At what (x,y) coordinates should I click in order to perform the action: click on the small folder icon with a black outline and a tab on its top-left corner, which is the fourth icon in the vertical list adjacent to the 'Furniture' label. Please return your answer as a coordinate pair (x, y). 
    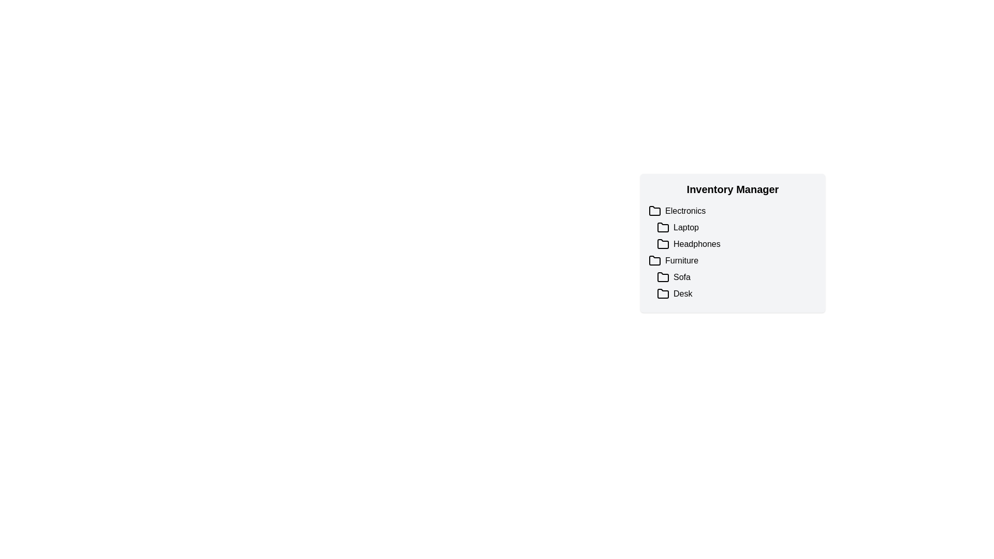
    Looking at the image, I should click on (654, 260).